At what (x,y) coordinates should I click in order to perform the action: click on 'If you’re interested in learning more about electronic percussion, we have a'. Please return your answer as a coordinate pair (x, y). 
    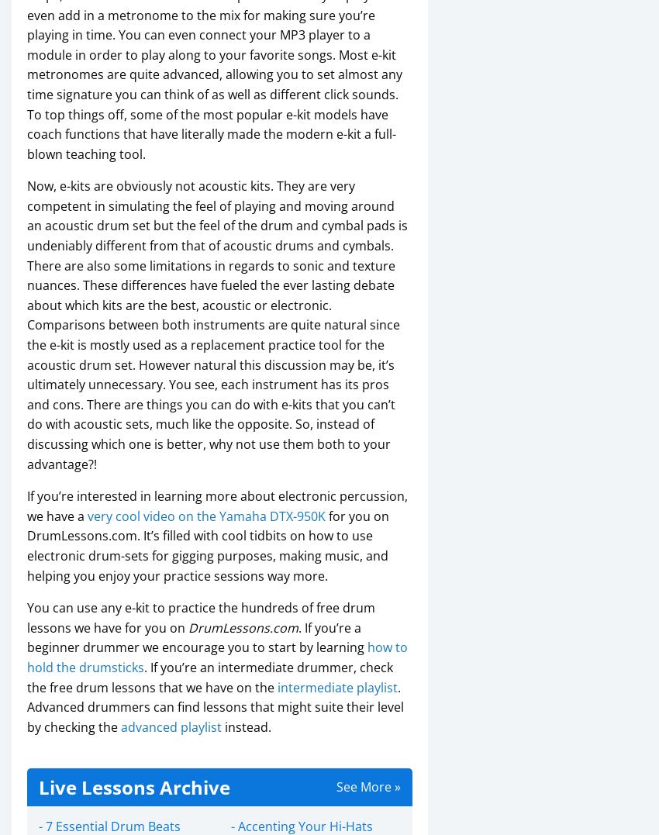
    Looking at the image, I should click on (216, 505).